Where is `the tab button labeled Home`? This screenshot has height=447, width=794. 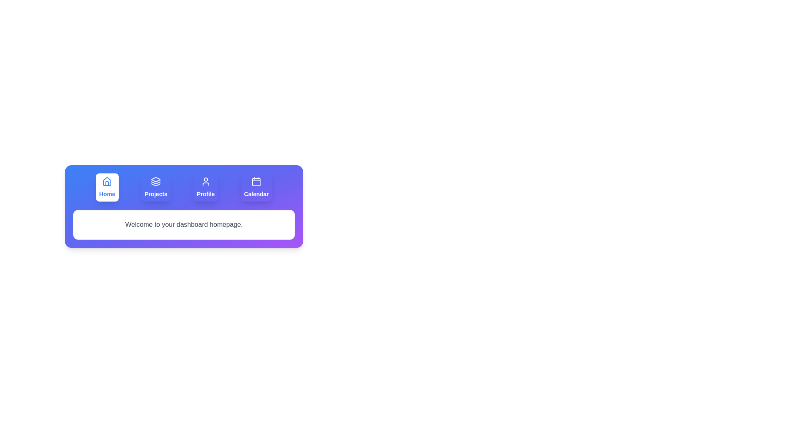
the tab button labeled Home is located at coordinates (107, 187).